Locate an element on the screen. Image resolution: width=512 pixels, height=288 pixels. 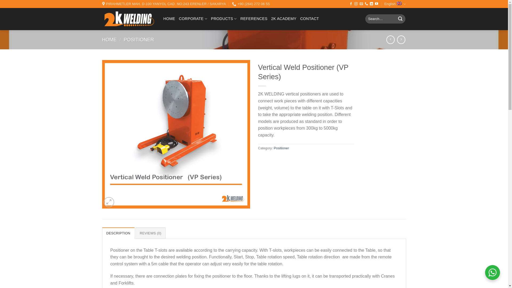
'REVIEWS (0)' is located at coordinates (150, 233).